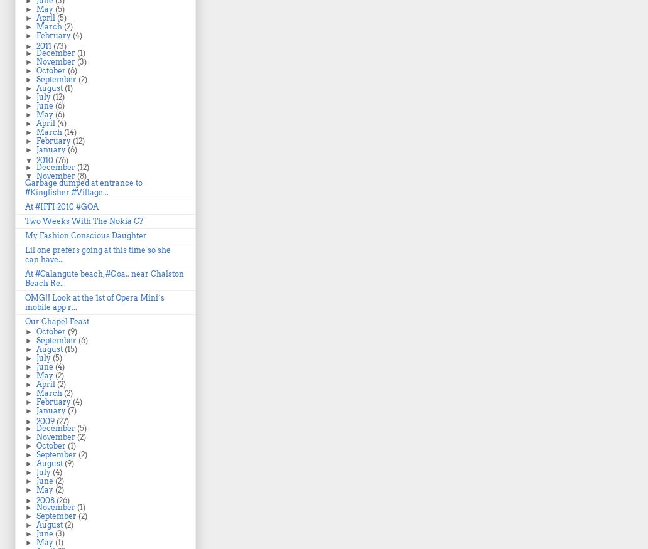  I want to click on 'Two Weeks With The Nokia C7', so click(83, 221).